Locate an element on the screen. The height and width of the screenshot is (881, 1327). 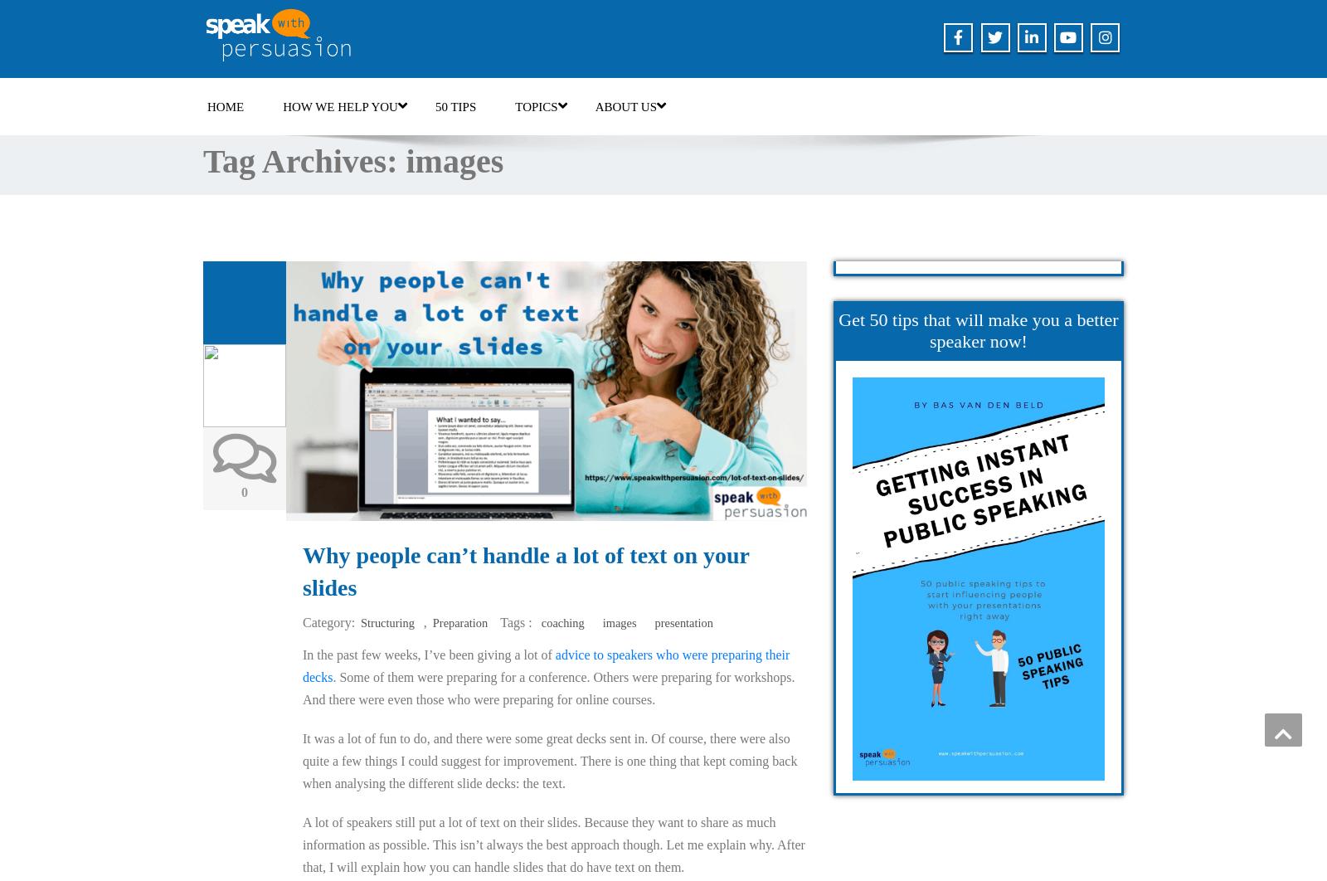
'Tags :' is located at coordinates (500, 622).